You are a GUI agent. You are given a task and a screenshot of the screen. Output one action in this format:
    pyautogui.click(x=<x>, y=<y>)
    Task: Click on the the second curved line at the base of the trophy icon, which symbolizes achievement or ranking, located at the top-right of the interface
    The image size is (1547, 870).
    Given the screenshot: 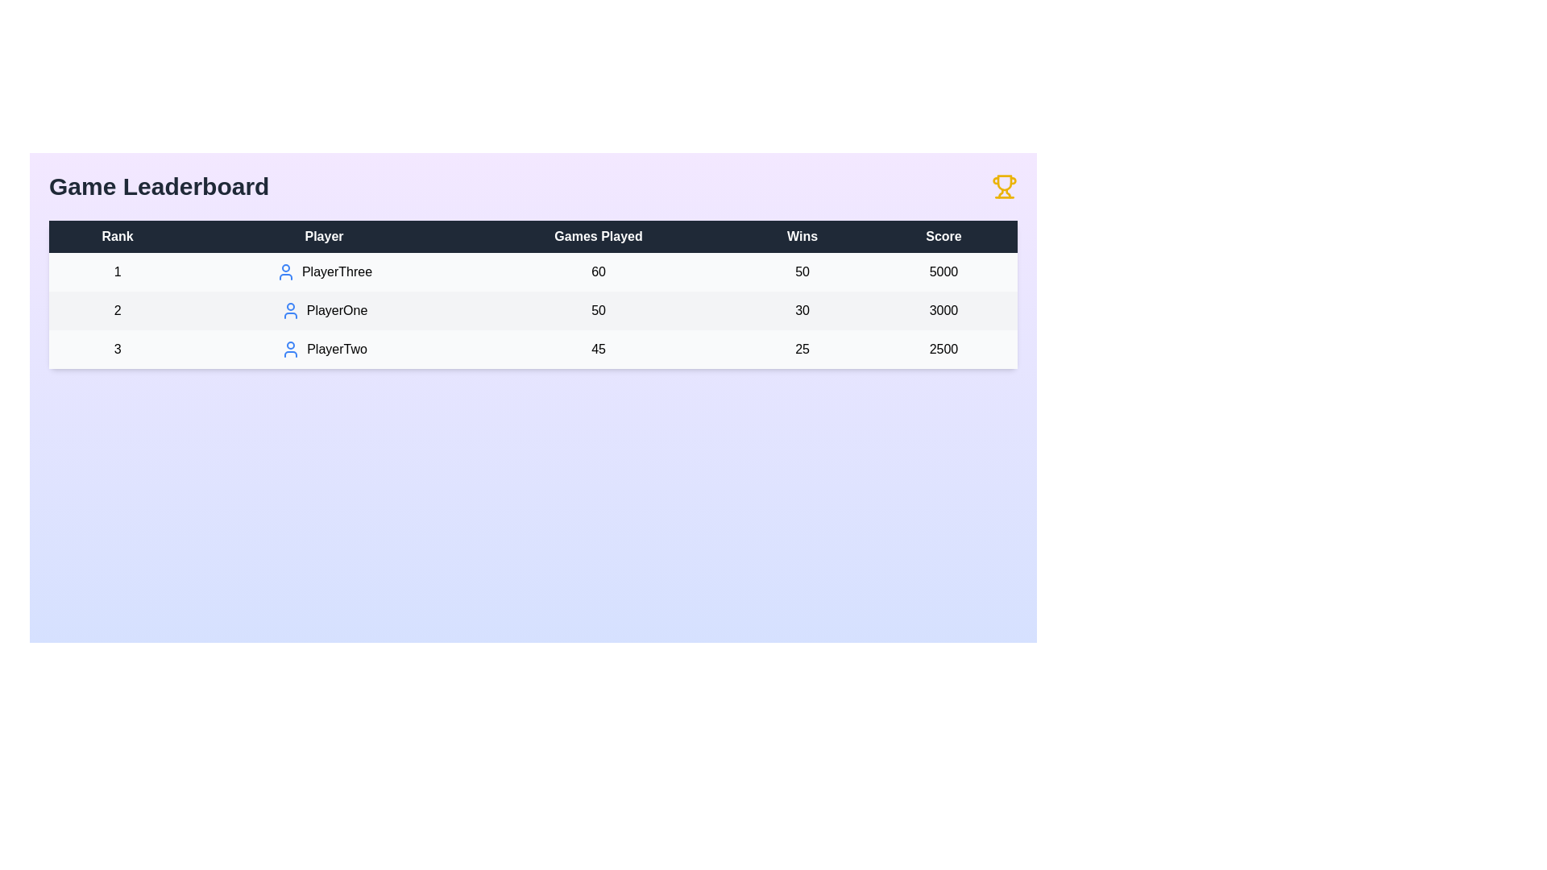 What is the action you would take?
    pyautogui.click(x=1007, y=193)
    